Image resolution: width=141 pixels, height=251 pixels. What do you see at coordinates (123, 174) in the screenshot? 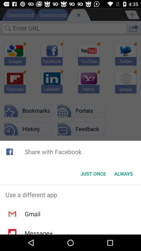
I see `the button at the bottom right corner` at bounding box center [123, 174].